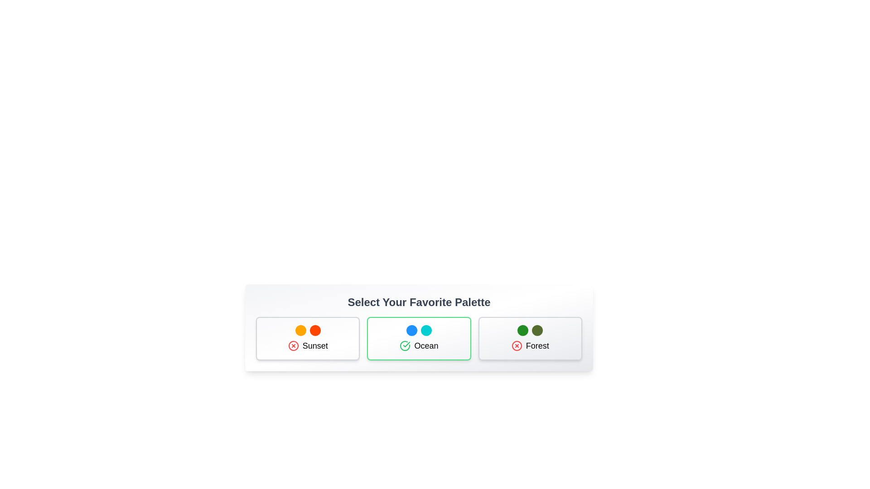 This screenshot has width=870, height=489. I want to click on the palette card for Sunset, so click(308, 339).